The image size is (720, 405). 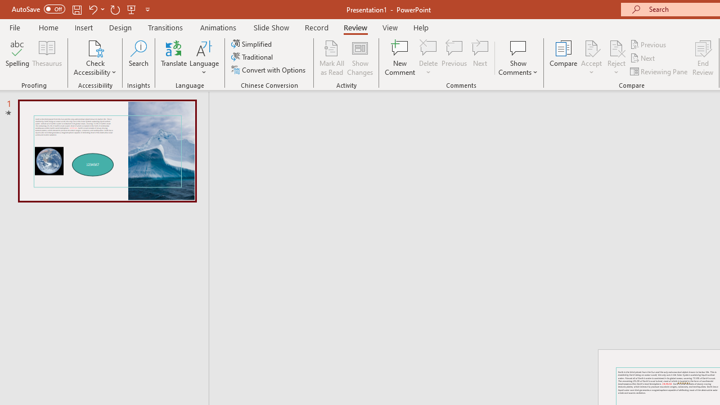 I want to click on 'Reject', so click(x=616, y=58).